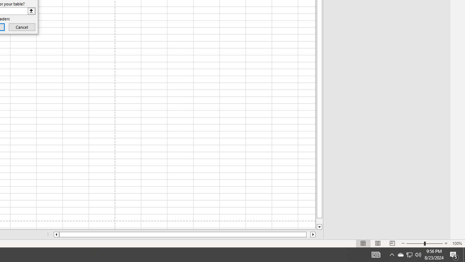 This screenshot has height=262, width=465. I want to click on 'Column right', so click(313, 234).